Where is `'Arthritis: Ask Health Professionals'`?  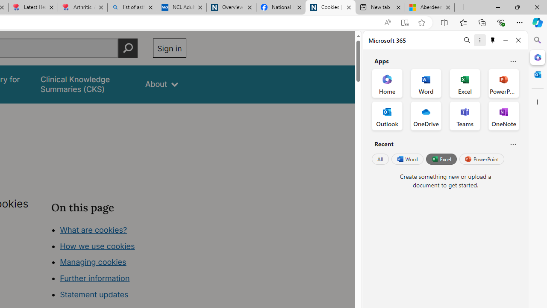 'Arthritis: Ask Health Professionals' is located at coordinates (82, 7).